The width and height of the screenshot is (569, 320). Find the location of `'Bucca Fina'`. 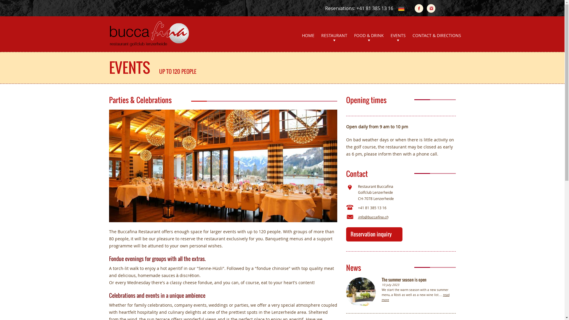

'Bucca Fina' is located at coordinates (149, 34).